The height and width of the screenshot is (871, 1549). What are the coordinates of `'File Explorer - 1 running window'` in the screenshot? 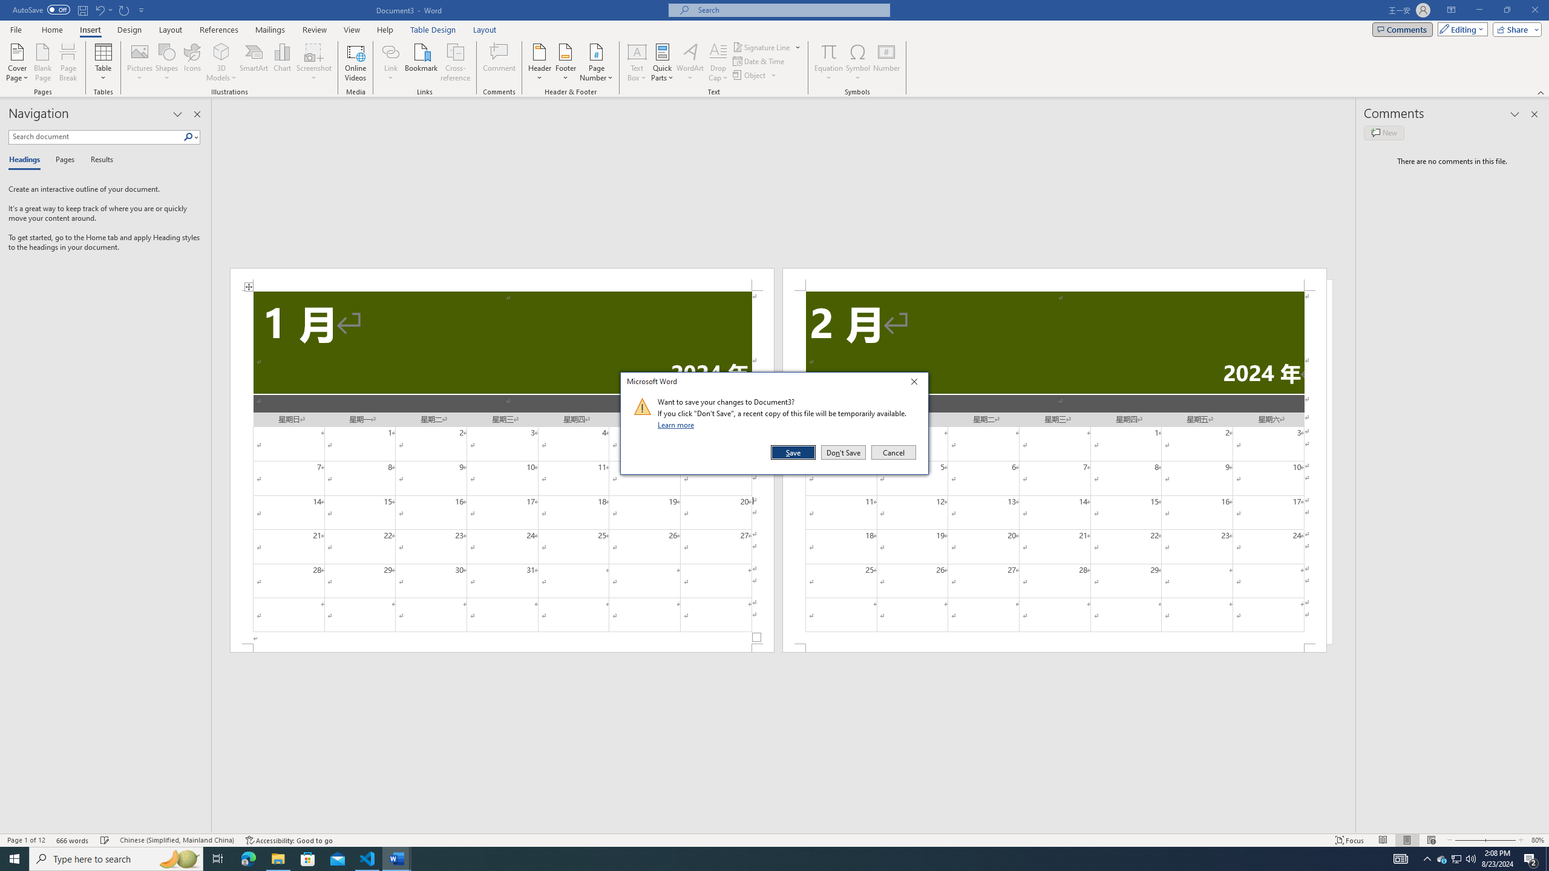 It's located at (277, 858).